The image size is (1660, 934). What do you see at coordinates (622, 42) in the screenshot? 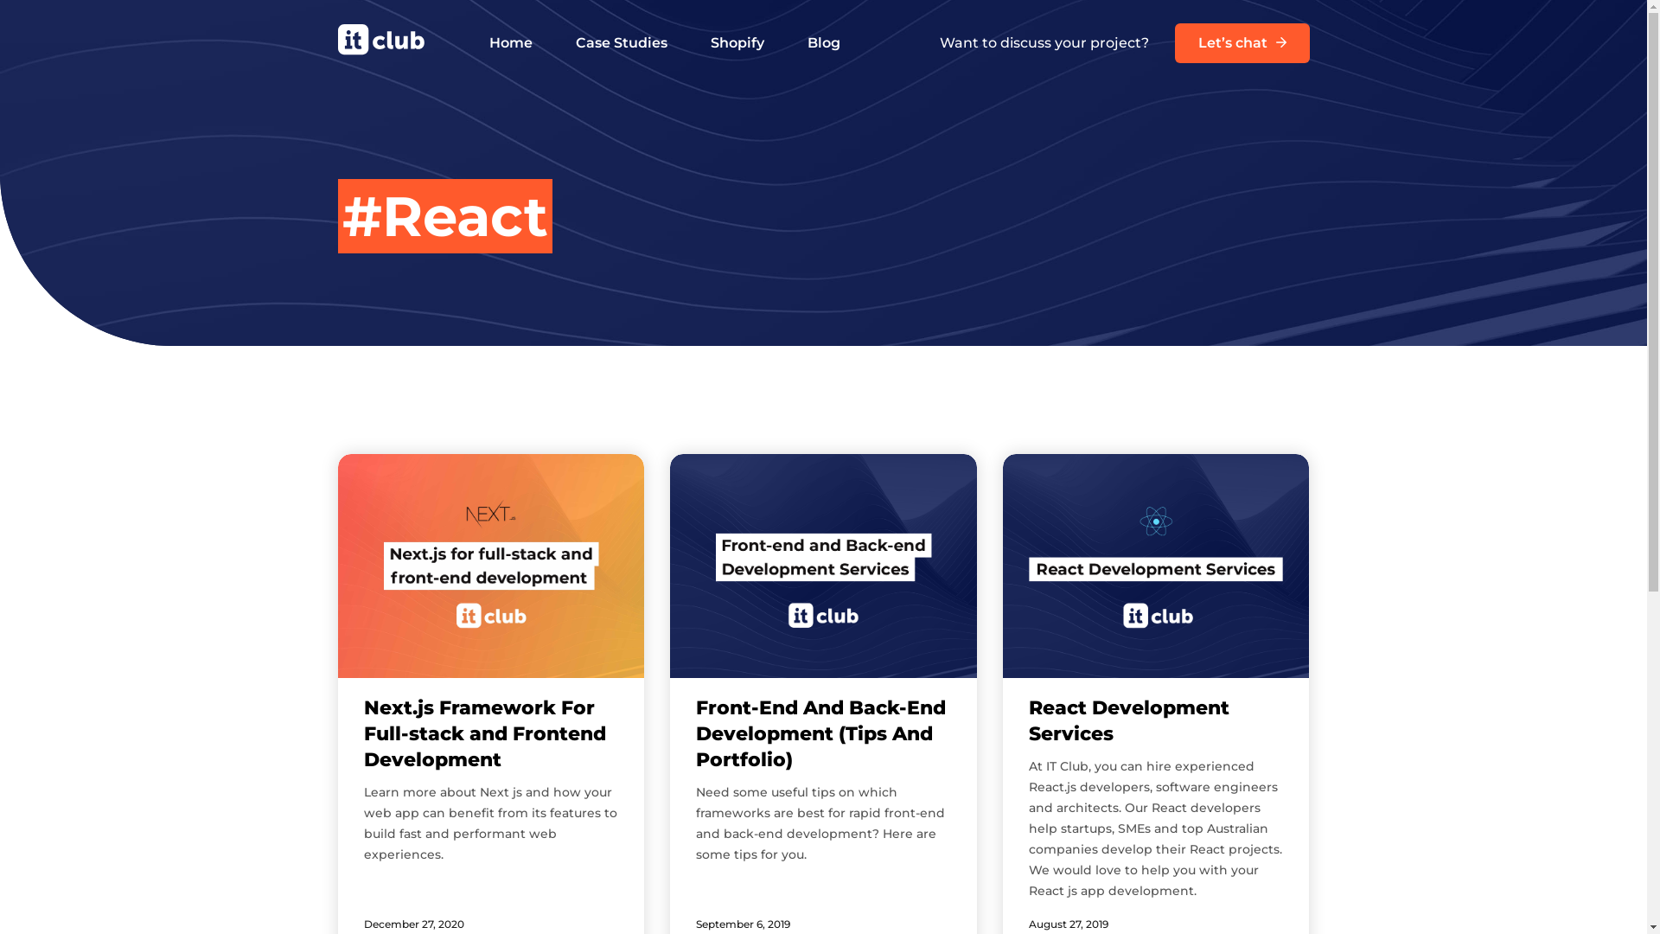
I see `'Case Studies'` at bounding box center [622, 42].